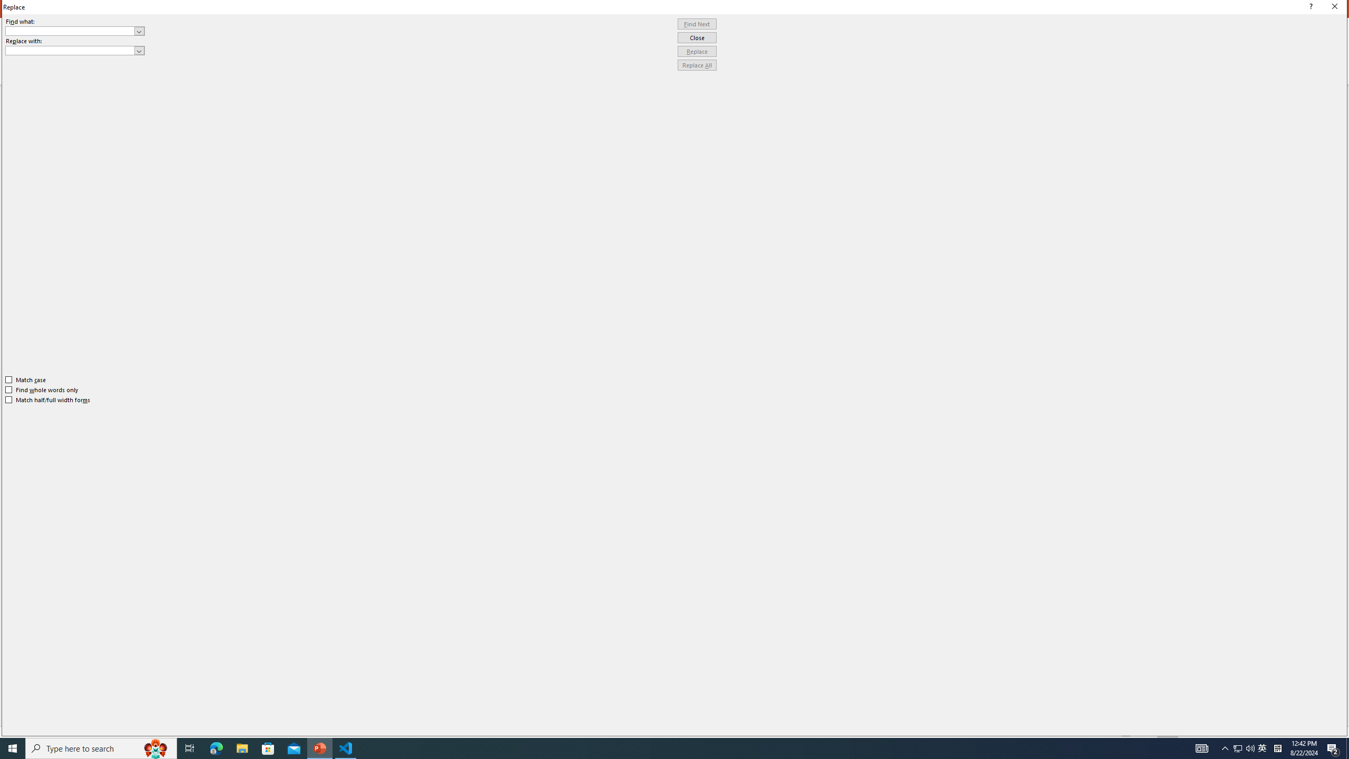  I want to click on 'Replace', so click(697, 51).